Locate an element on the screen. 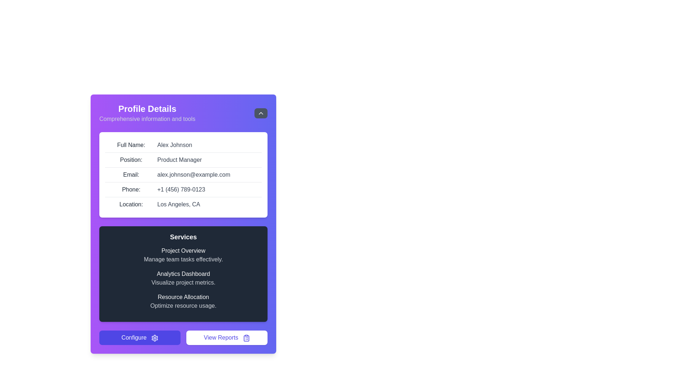  the static text display labeled 'Position:' which shows the value 'Product Manager' located in the second row of the information card is located at coordinates (183, 160).